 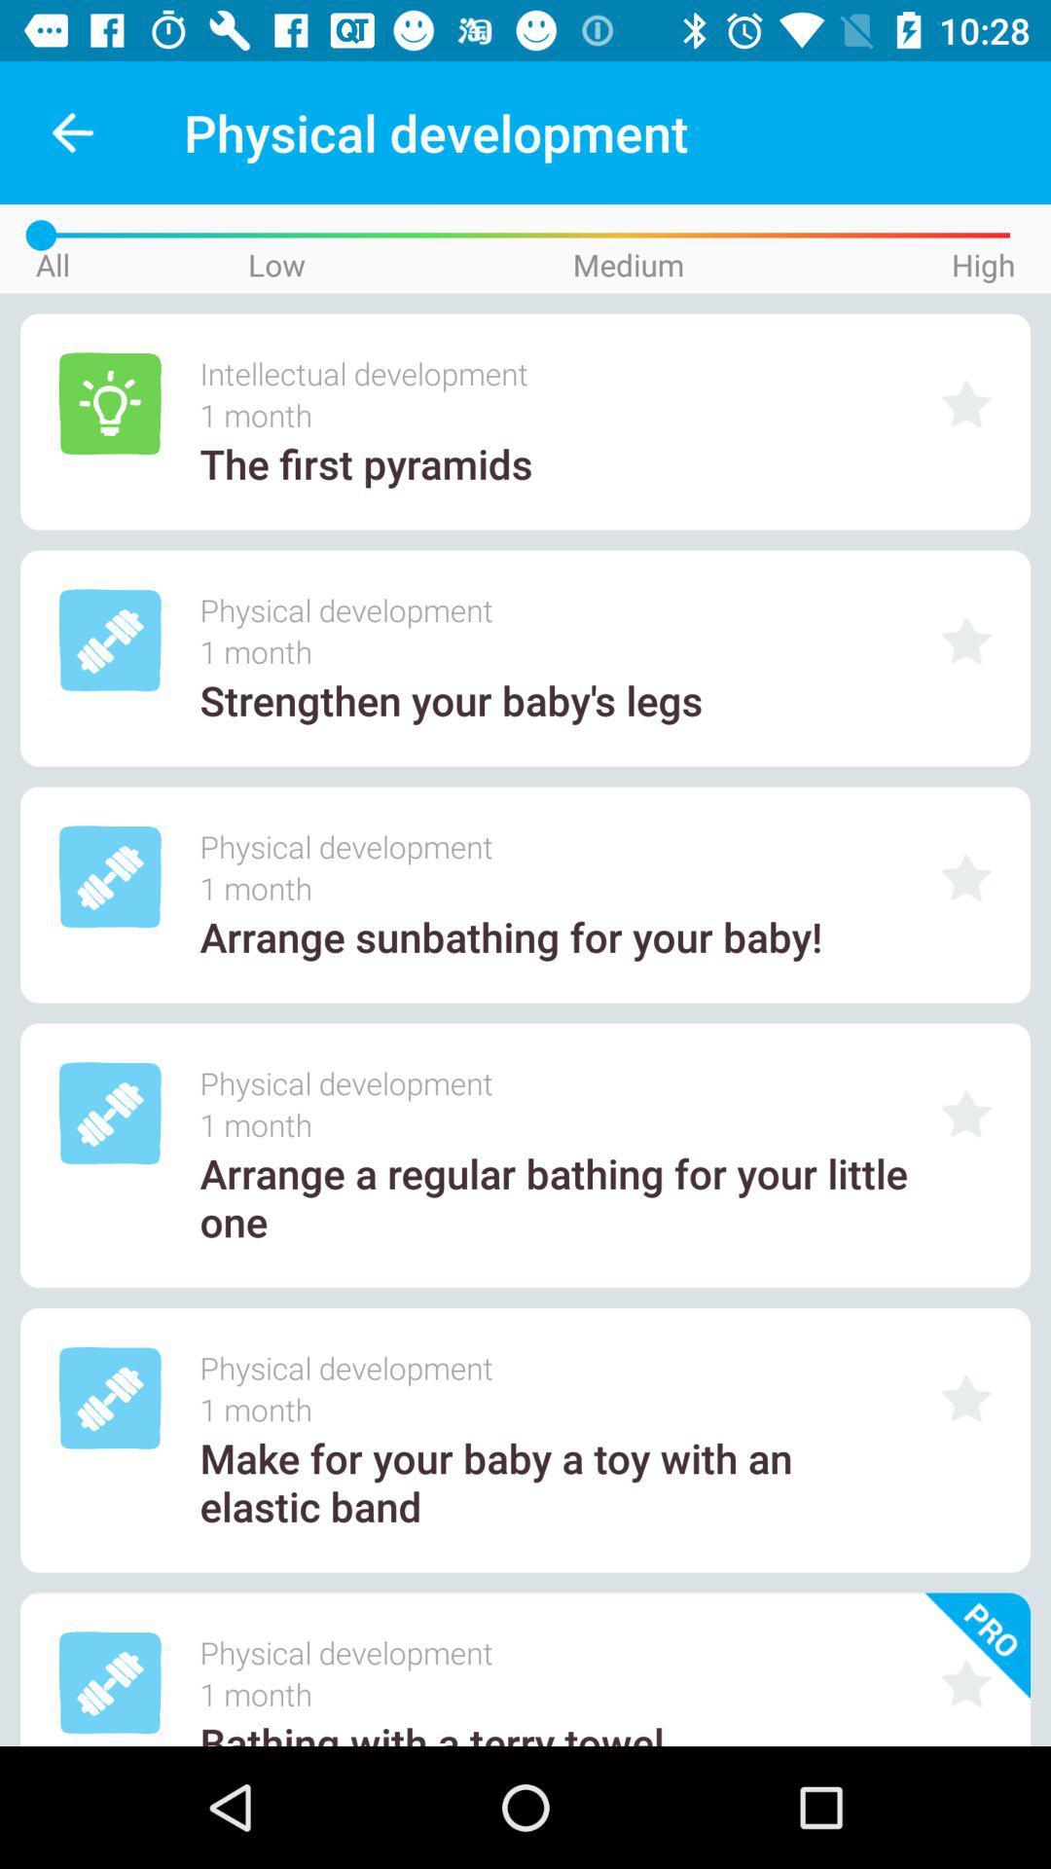 What do you see at coordinates (966, 641) in the screenshot?
I see `adding favorite star icon` at bounding box center [966, 641].